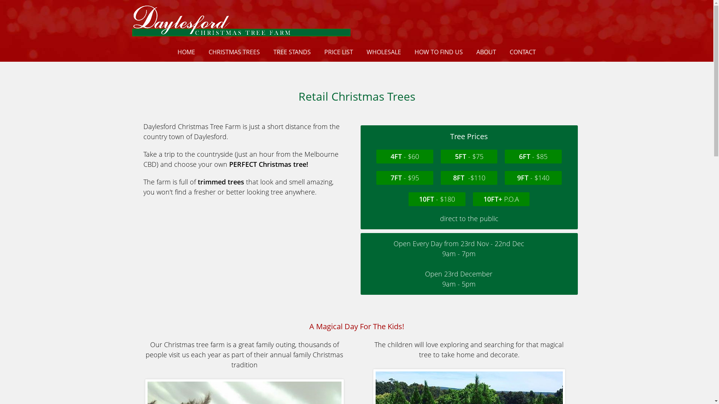 The width and height of the screenshot is (719, 404). Describe the element at coordinates (486, 51) in the screenshot. I see `'ABOUT'` at that location.